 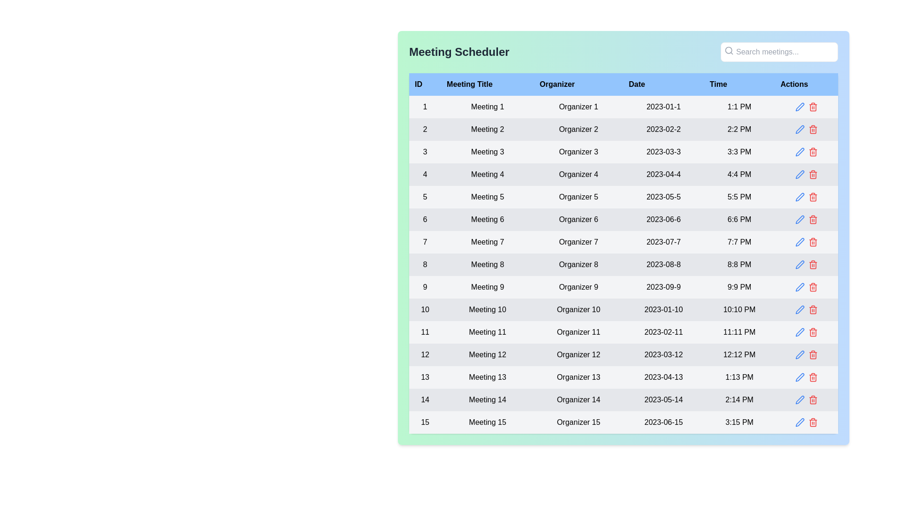 What do you see at coordinates (739, 152) in the screenshot?
I see `the static text display showing '3:3 PM' in the 'Time' column of the third row of the table` at bounding box center [739, 152].